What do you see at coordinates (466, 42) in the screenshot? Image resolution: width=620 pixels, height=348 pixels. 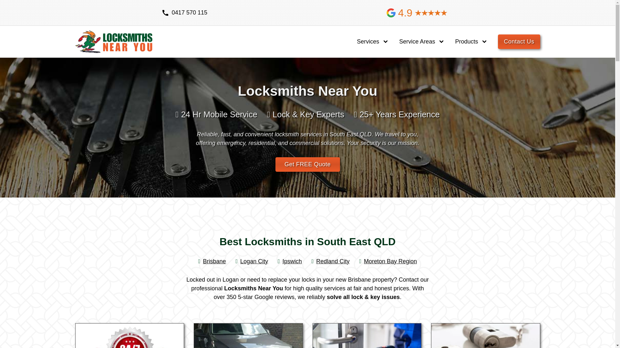 I see `'Products'` at bounding box center [466, 42].